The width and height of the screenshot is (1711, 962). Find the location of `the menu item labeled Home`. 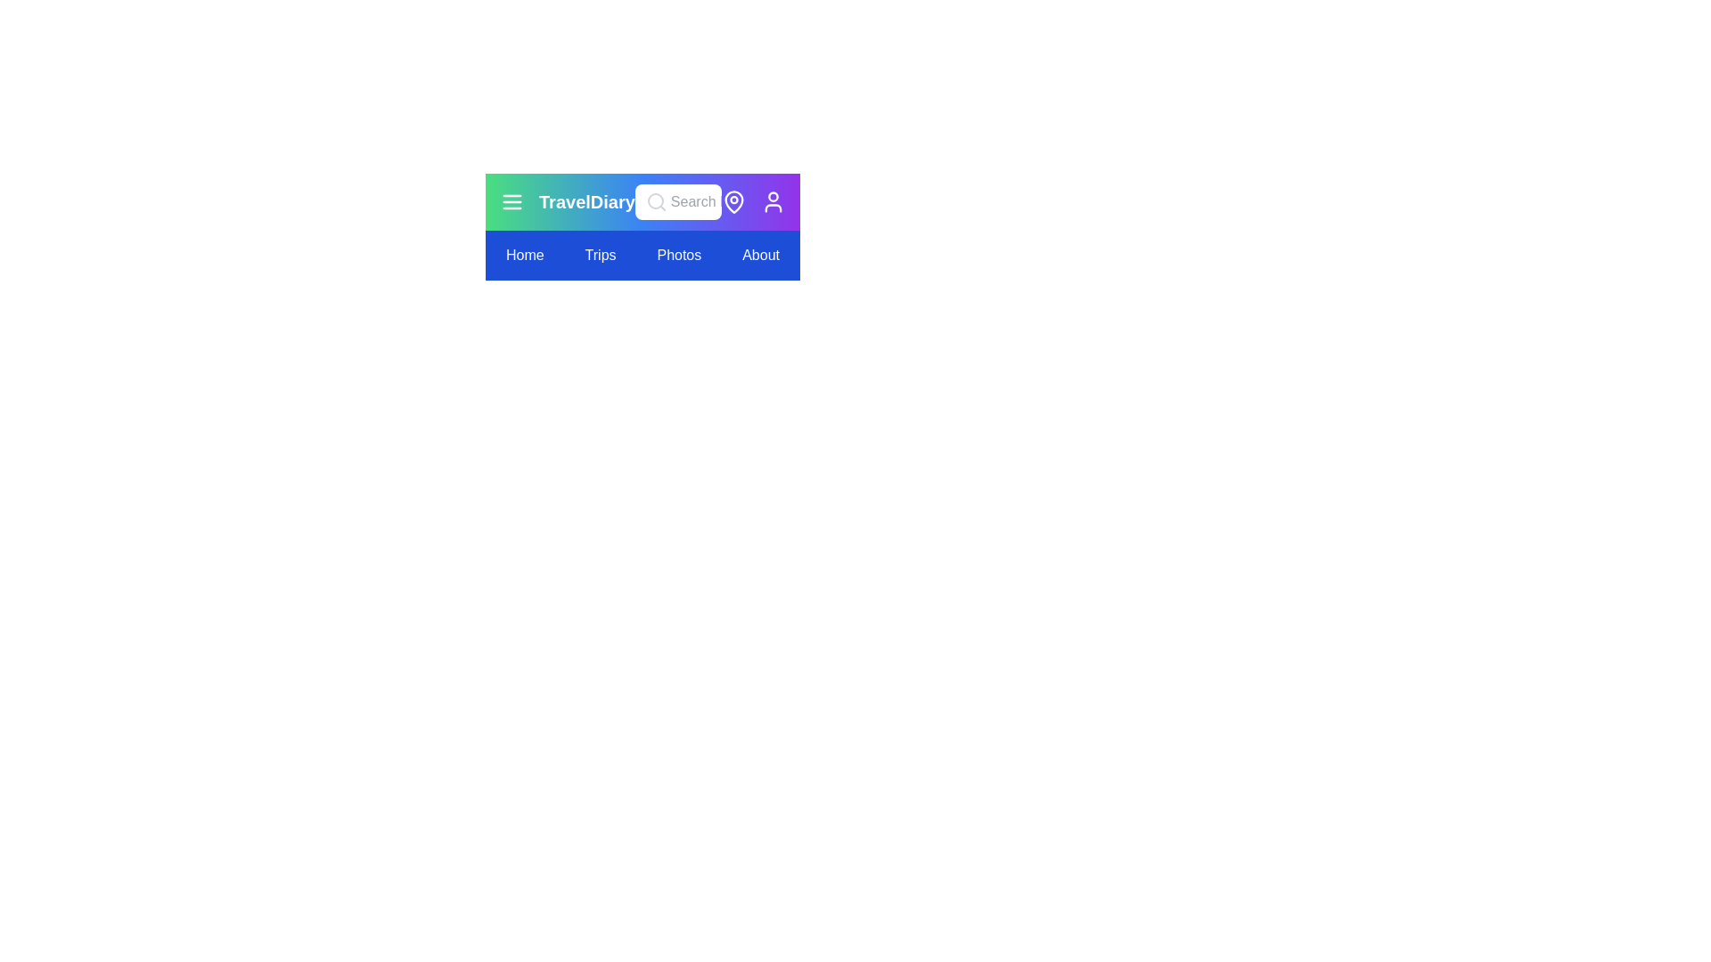

the menu item labeled Home is located at coordinates (524, 255).